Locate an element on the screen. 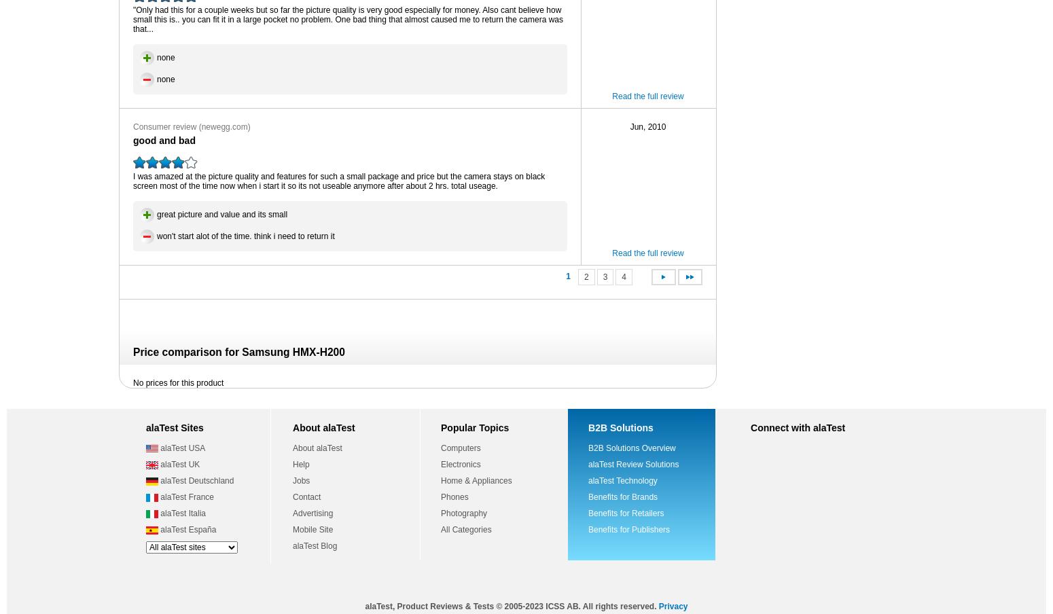 The width and height of the screenshot is (1053, 614). 'Mobile Site' is located at coordinates (293, 529).